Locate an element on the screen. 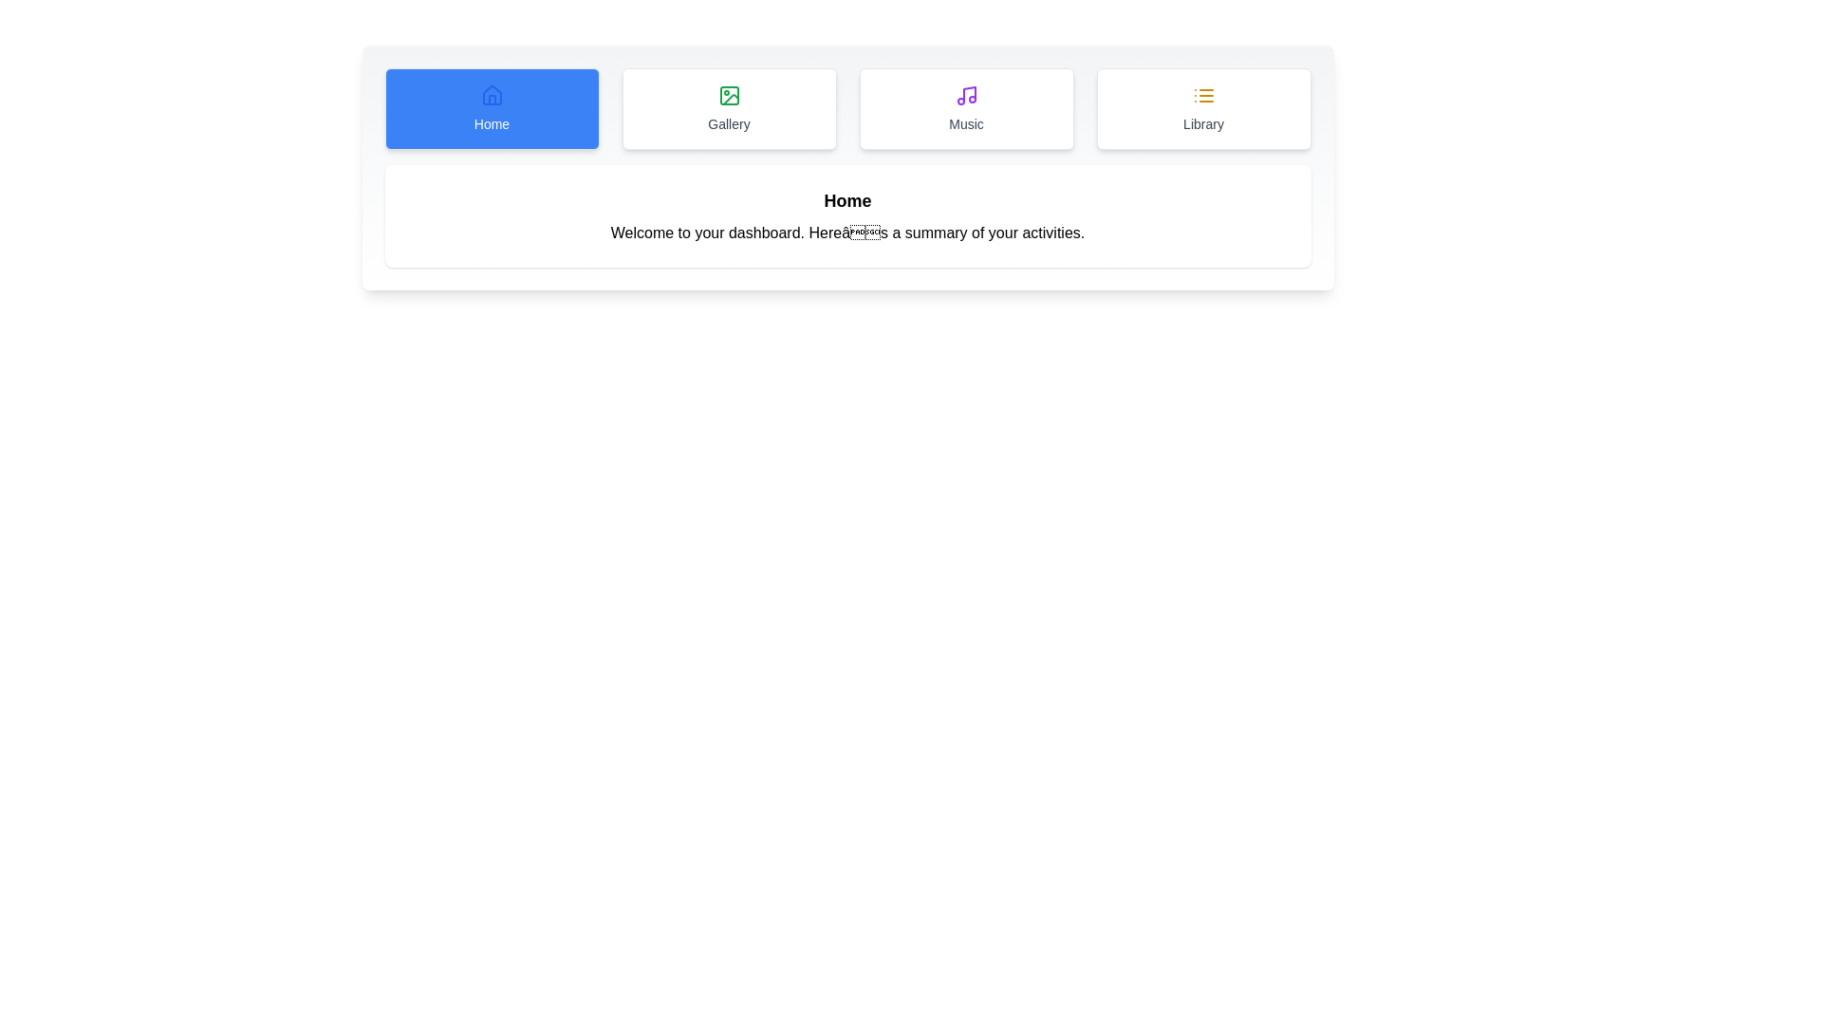 This screenshot has width=1822, height=1025. the button labeled Gallery to observe its hover effect is located at coordinates (728, 109).